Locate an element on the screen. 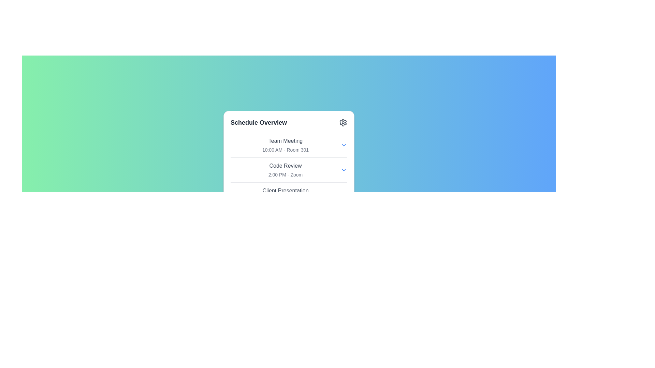 The height and width of the screenshot is (368, 655). the Informational display block containing the text 'Code Review' and '2:00 PM - Zoom', which is located in the Schedule Overview section of the popup interface is located at coordinates (285, 169).